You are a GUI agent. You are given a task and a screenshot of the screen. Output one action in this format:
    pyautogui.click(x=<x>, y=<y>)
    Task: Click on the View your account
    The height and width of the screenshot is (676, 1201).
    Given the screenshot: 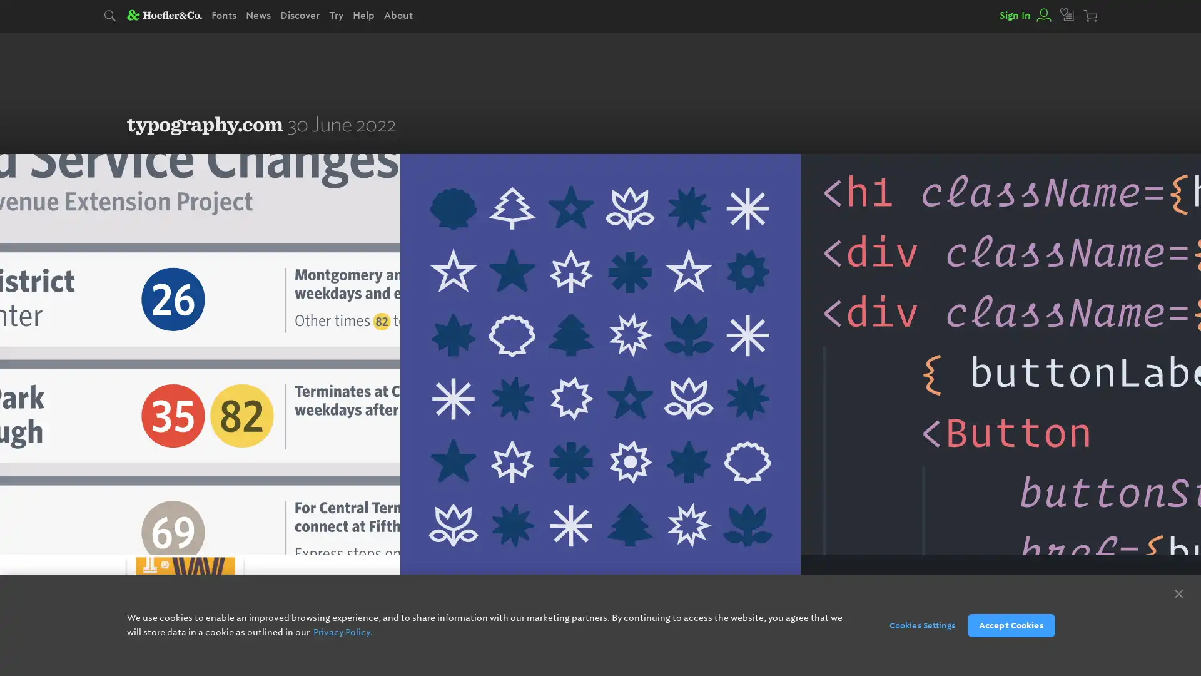 What is the action you would take?
    pyautogui.click(x=1042, y=15)
    